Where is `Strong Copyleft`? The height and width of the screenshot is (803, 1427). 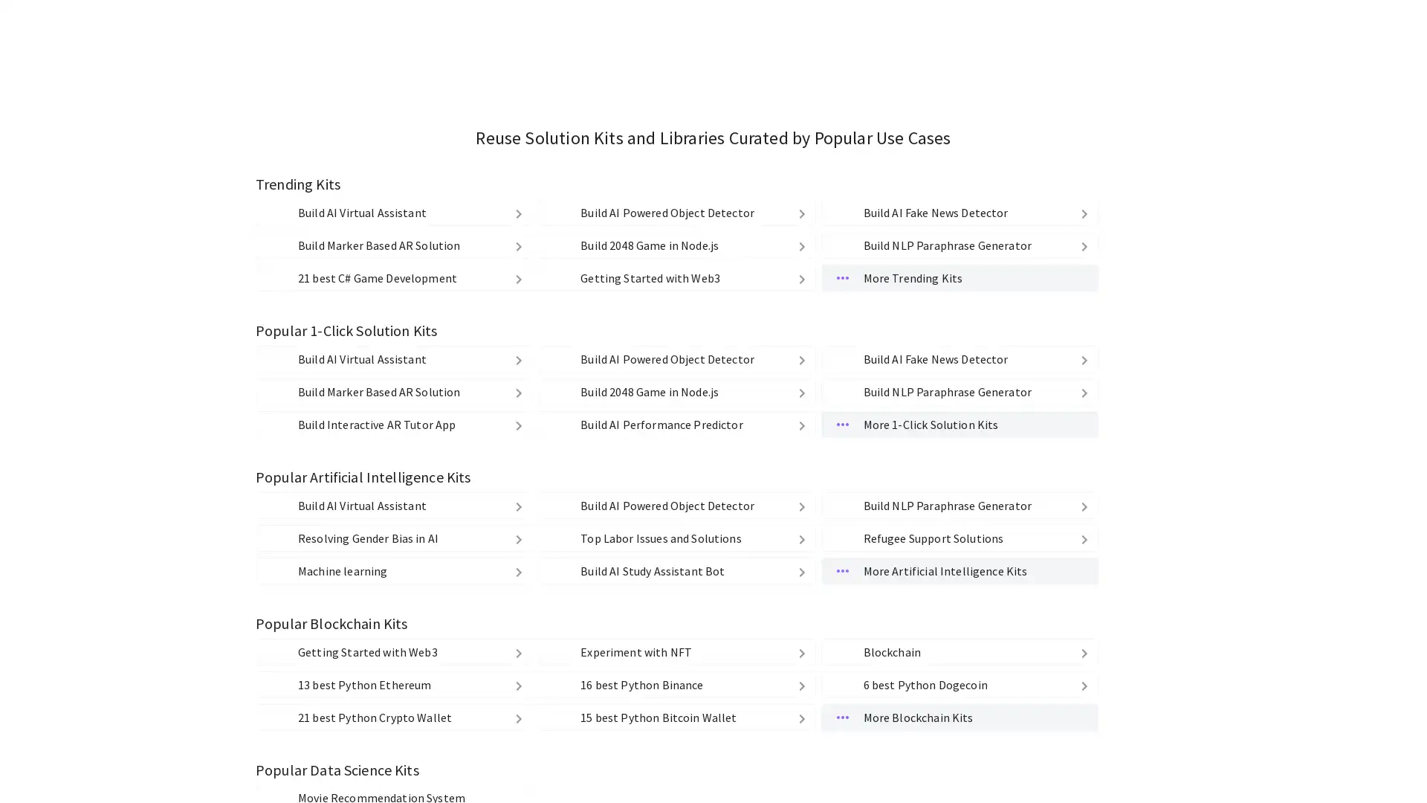
Strong Copyleft is located at coordinates (485, 438).